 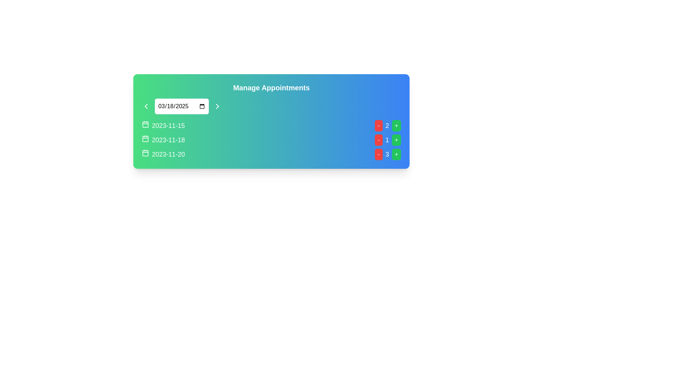 What do you see at coordinates (378, 125) in the screenshot?
I see `the decrement button located to the left of the number '2' in a set of three horizontally aligned elements` at bounding box center [378, 125].